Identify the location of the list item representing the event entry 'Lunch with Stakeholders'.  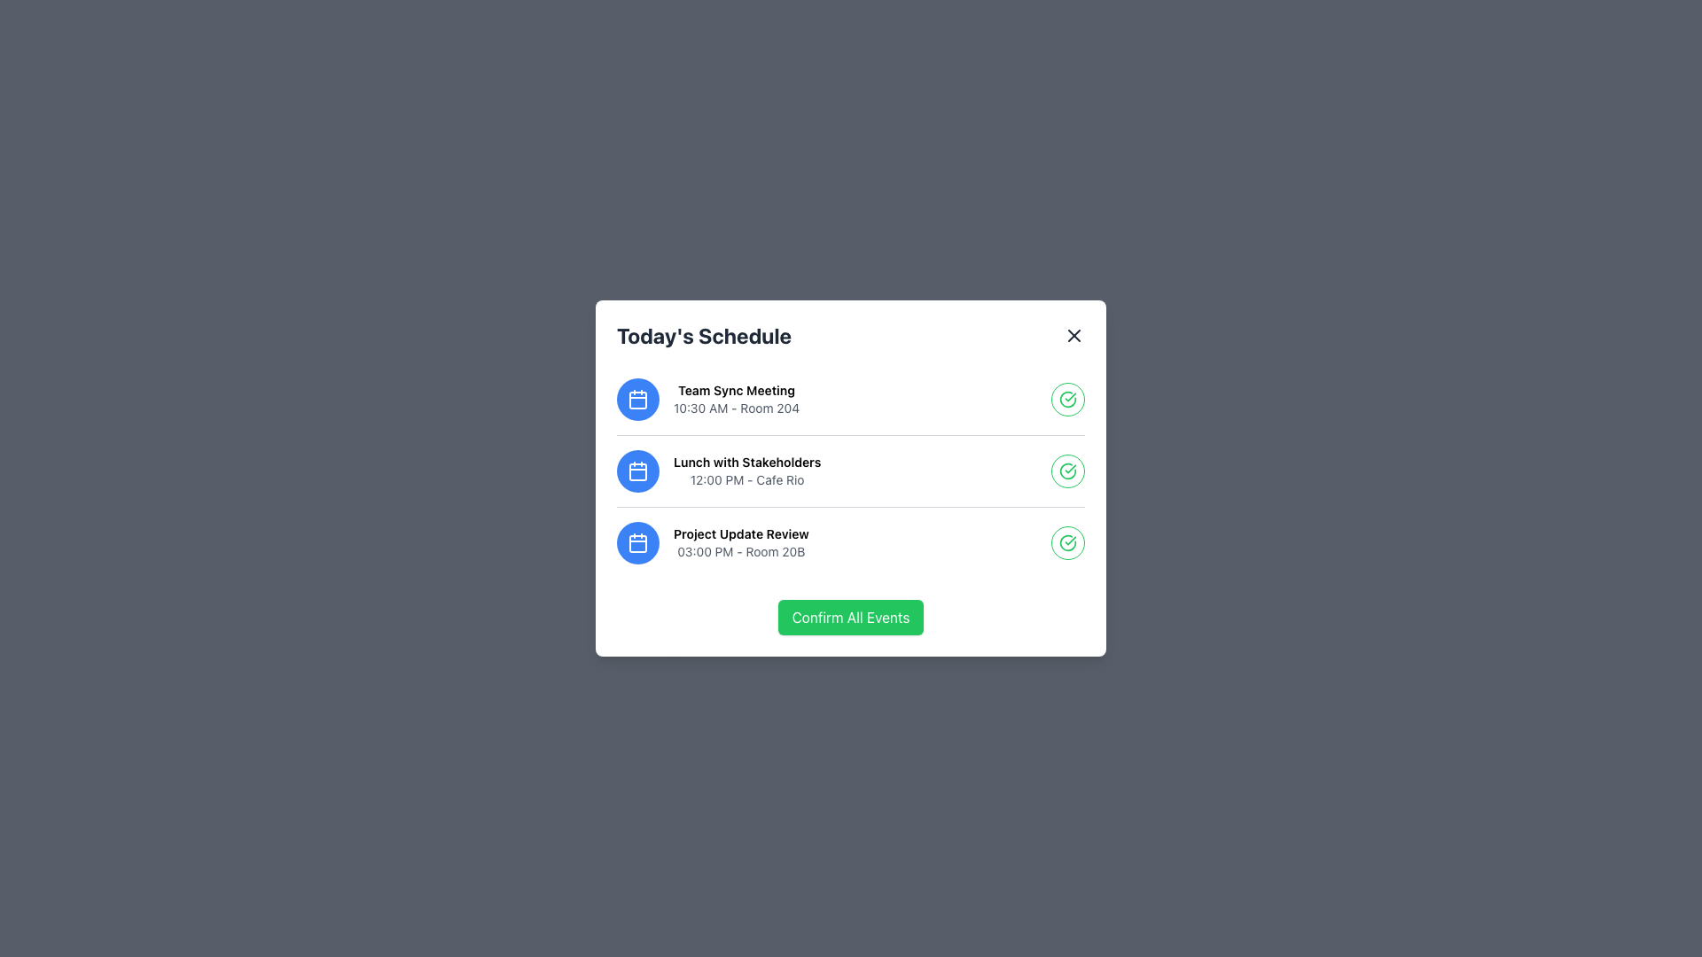
(719, 471).